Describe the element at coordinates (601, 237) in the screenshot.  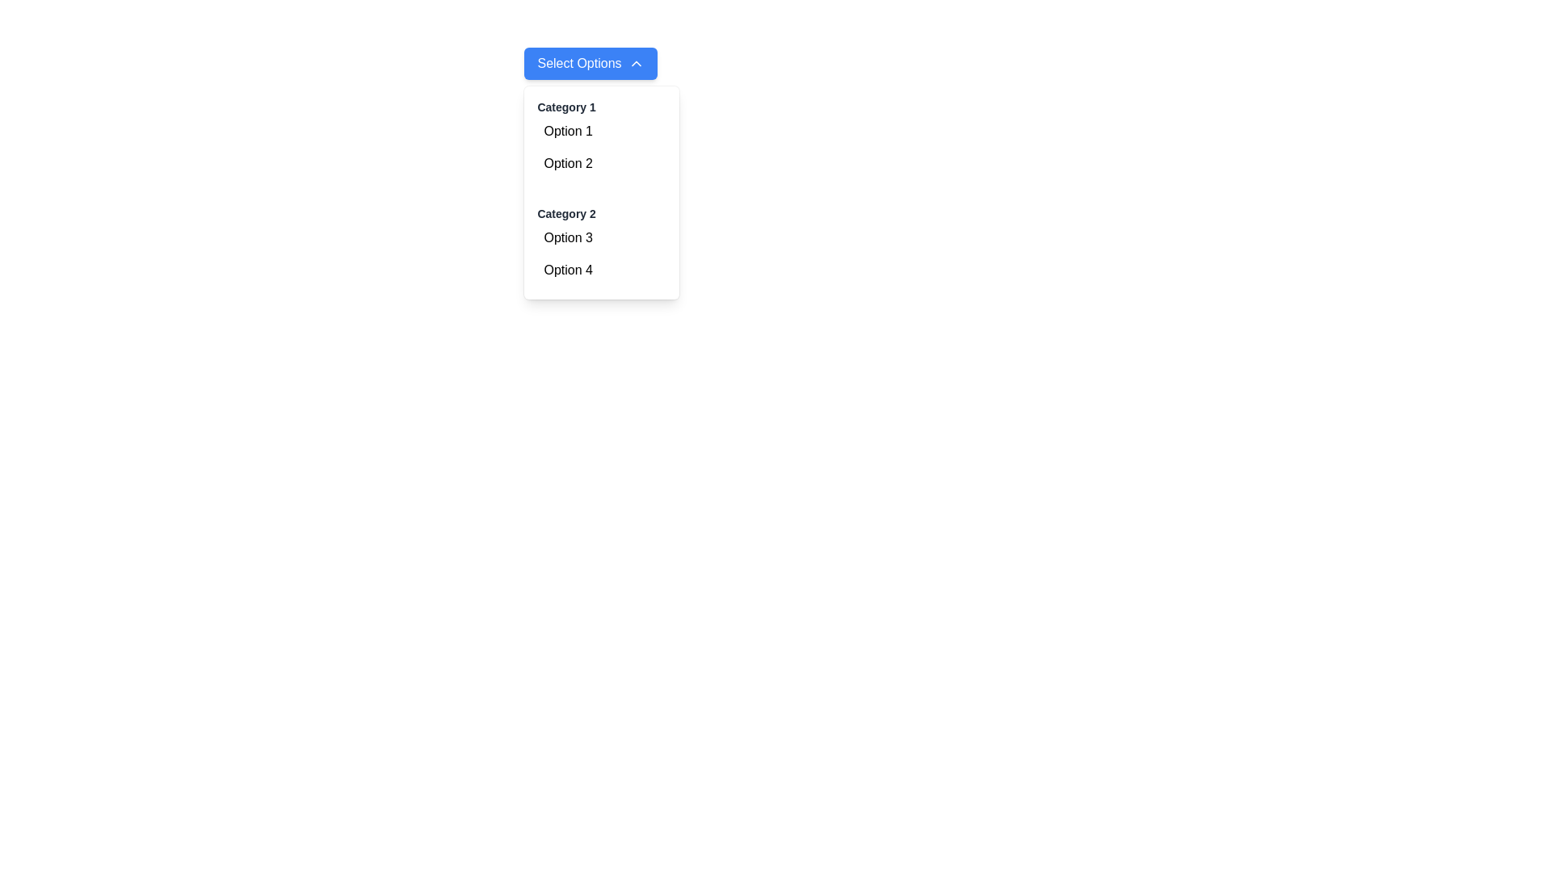
I see `the selectable item labeled 'Option 3' in the dropdown menu under 'Category 2'` at that location.